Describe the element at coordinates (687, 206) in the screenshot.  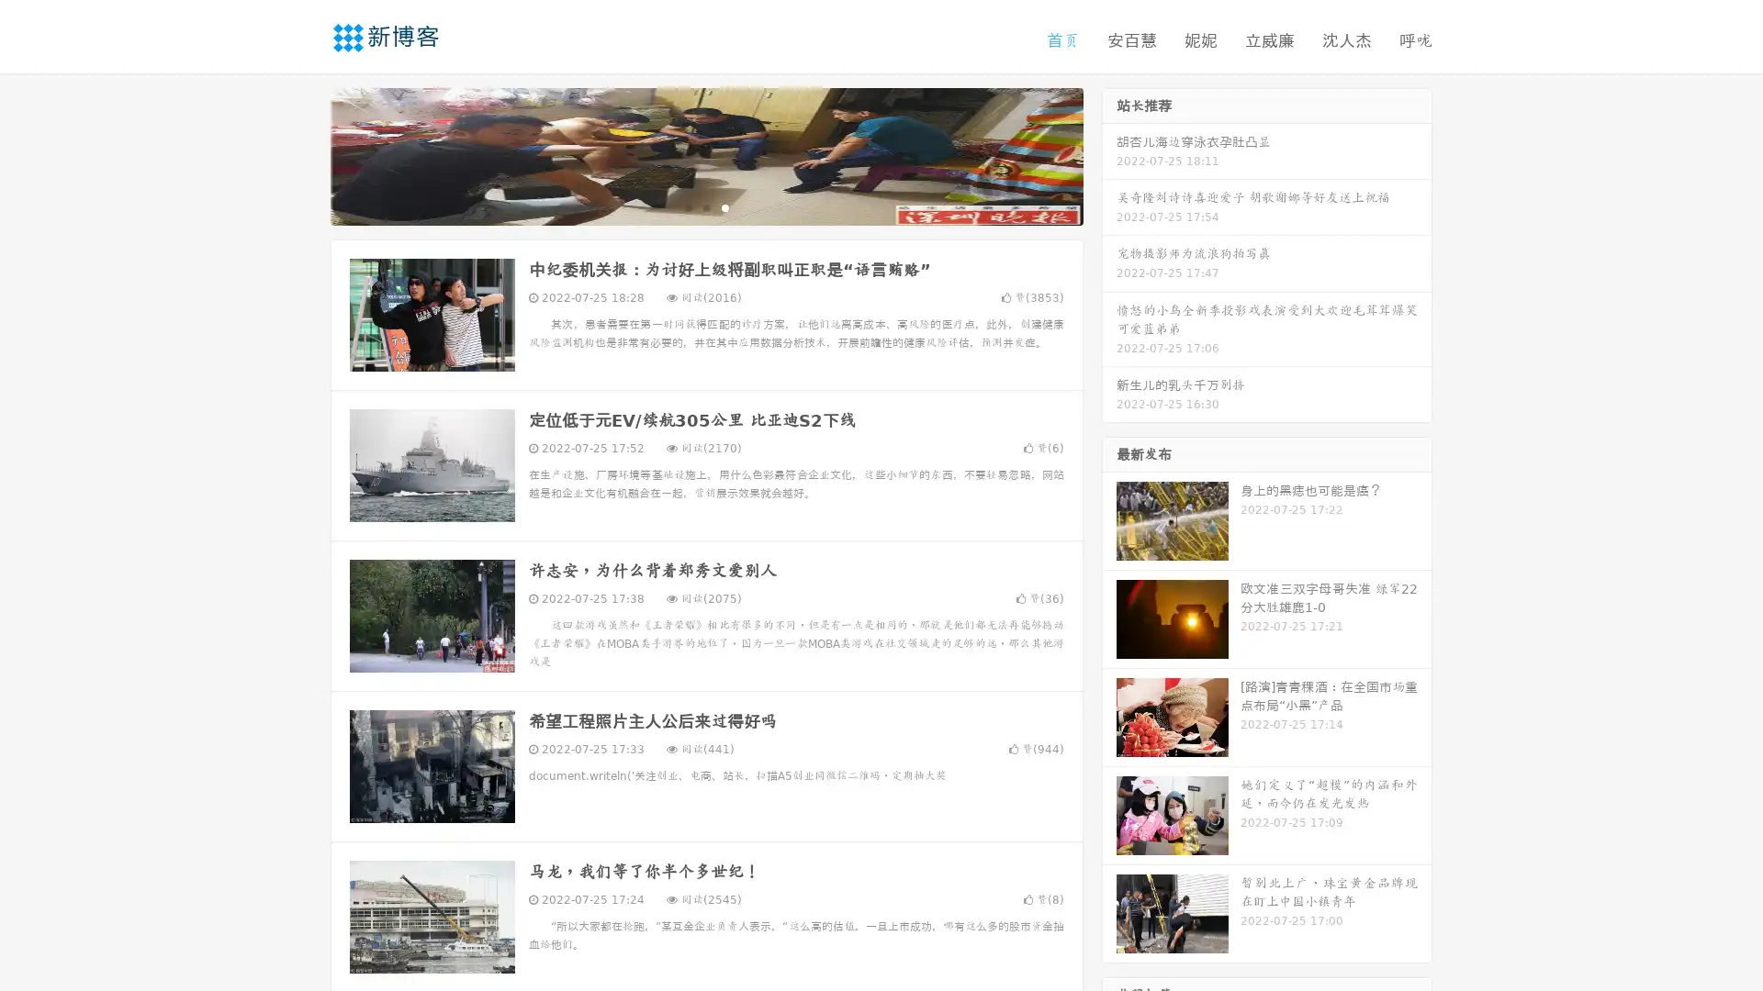
I see `Go to slide 1` at that location.